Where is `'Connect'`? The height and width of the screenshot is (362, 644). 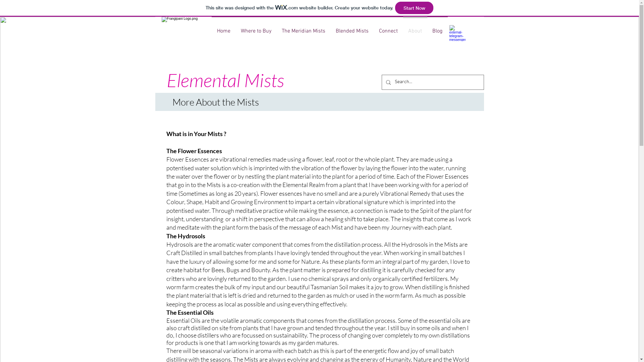 'Connect' is located at coordinates (388, 28).